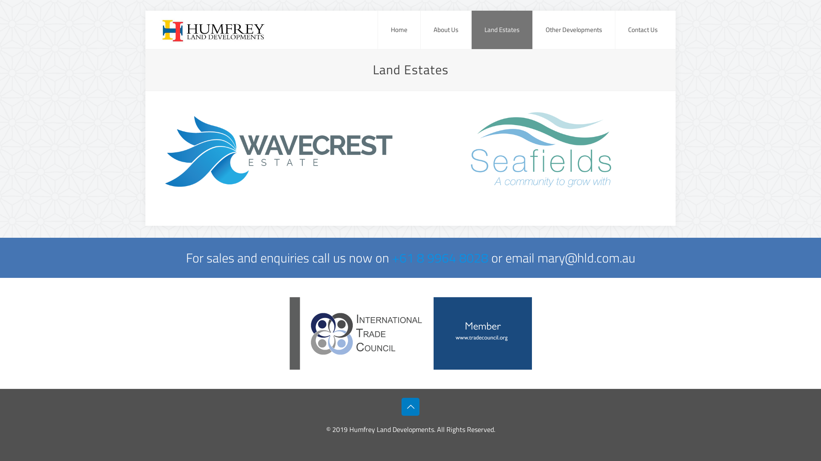 The image size is (821, 461). What do you see at coordinates (615, 29) in the screenshot?
I see `'Contact Us'` at bounding box center [615, 29].